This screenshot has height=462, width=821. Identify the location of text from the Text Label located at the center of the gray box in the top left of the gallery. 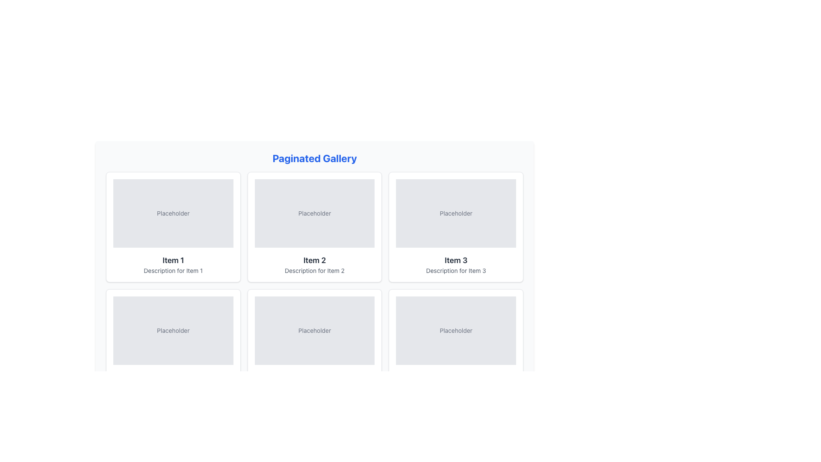
(173, 213).